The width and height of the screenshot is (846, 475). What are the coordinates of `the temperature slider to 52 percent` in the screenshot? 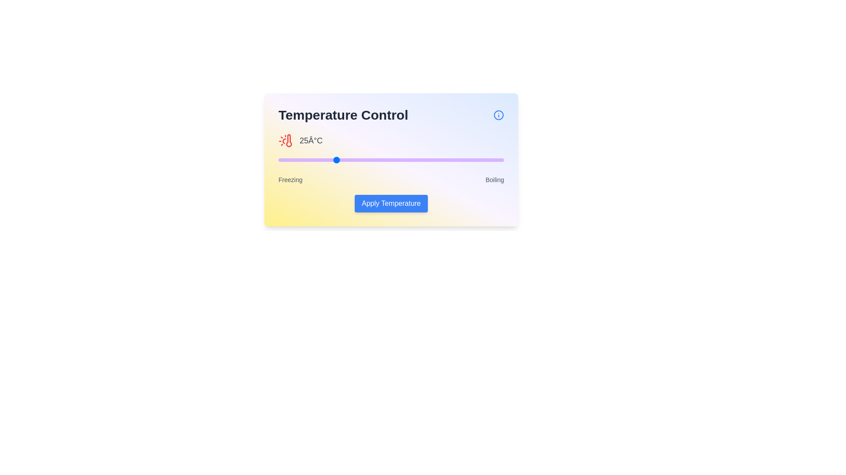 It's located at (395, 160).